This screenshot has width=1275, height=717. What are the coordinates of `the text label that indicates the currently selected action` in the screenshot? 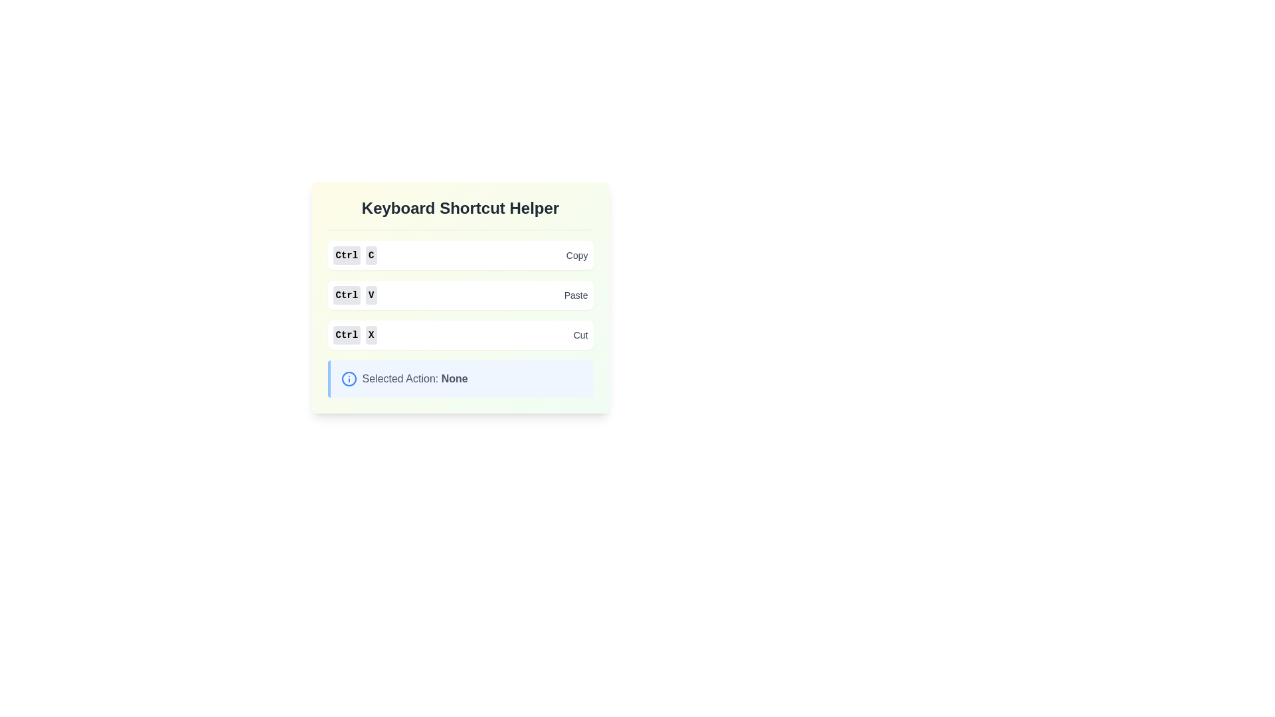 It's located at (454, 378).